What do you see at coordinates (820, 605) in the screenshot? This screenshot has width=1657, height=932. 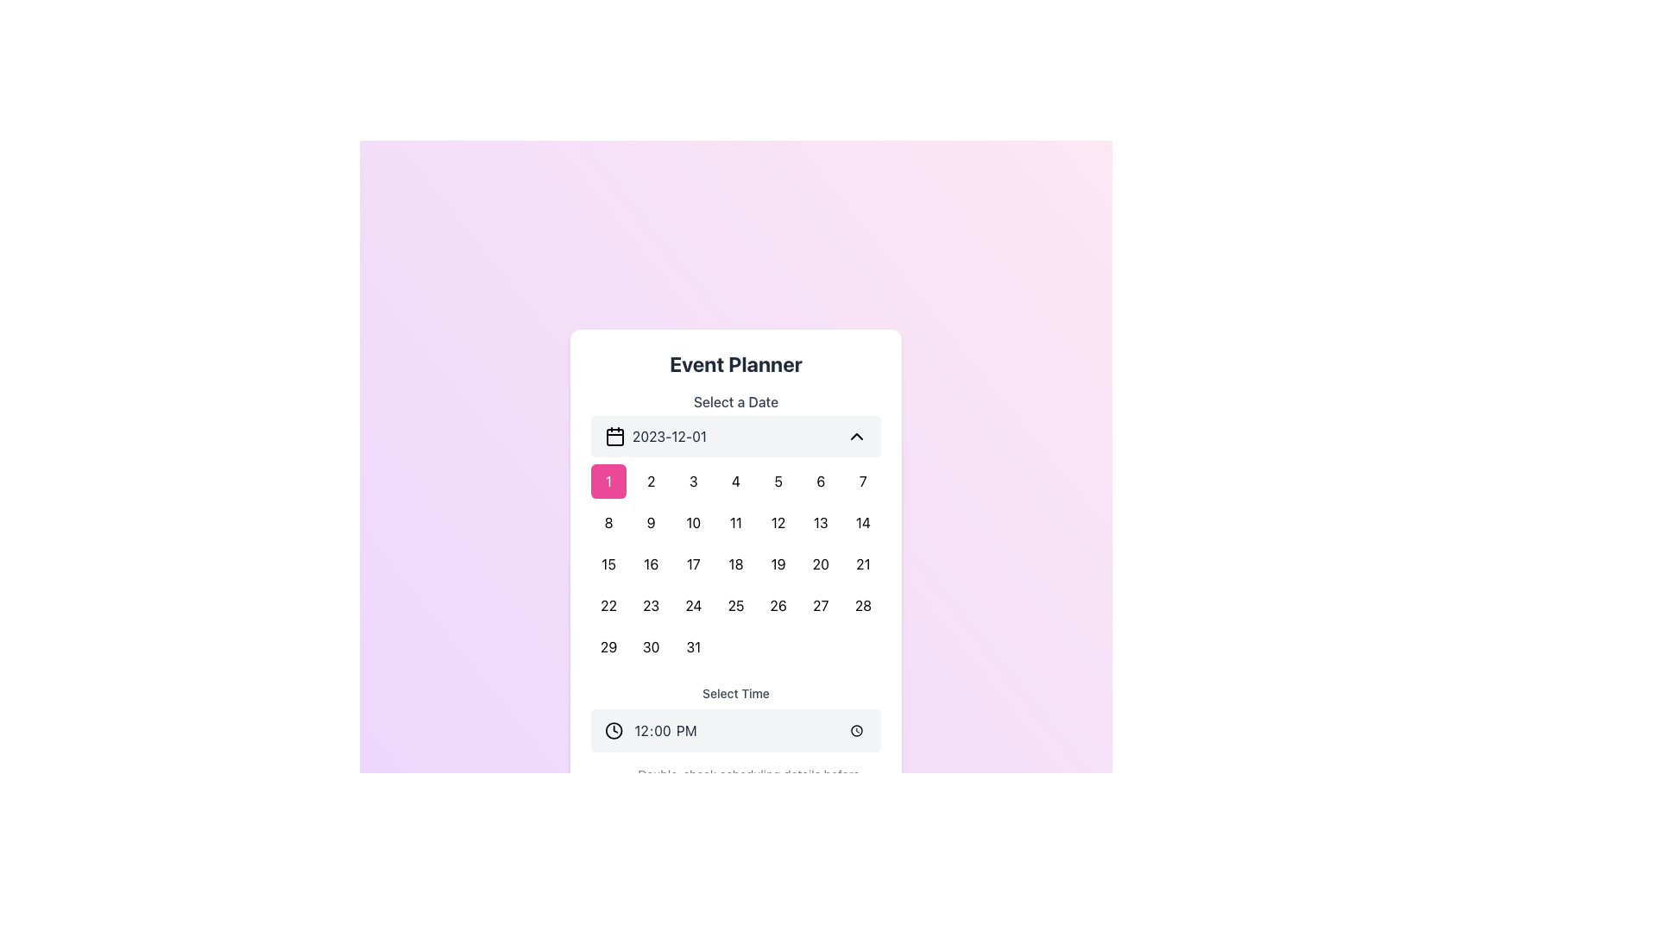 I see `the button displaying the number '27' in the sixth row and sixth column of the calendar grid` at bounding box center [820, 605].